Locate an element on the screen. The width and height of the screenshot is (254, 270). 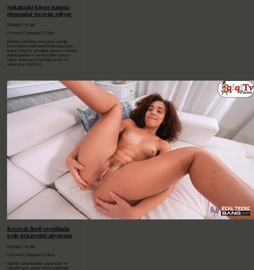
'Başbaşa kaldıktan sonra genç yarrağa hasret kalmış milf memelerini okşamaya başlar. Genç ise yarrağını çıkartır ve hatunu dudaklarından ve memesinden öpmeye başlar. Hatun gençi koltuğa oturtur ve sakso çeker. Şişkin d...' is located at coordinates (42, 53).